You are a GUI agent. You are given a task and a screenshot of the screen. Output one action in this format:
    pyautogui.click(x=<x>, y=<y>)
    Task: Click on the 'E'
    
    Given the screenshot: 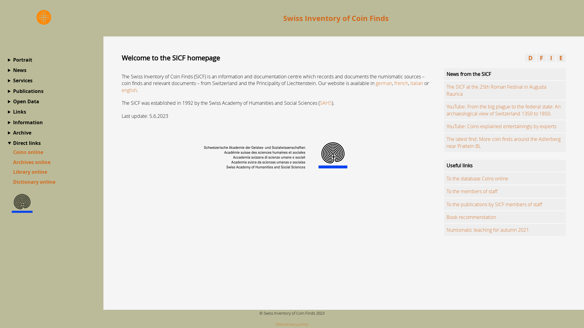 What is the action you would take?
    pyautogui.click(x=556, y=58)
    